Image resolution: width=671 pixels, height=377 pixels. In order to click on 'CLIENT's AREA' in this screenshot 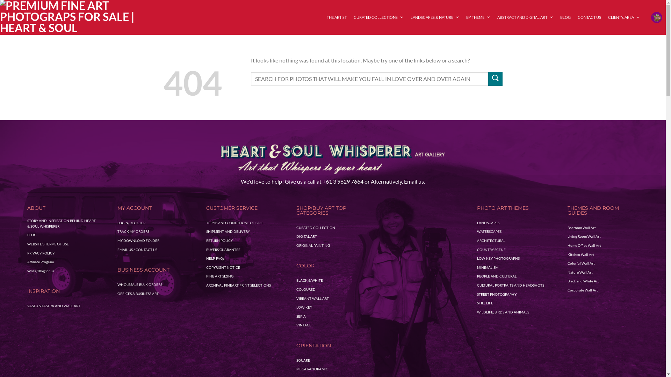, I will do `click(624, 17)`.